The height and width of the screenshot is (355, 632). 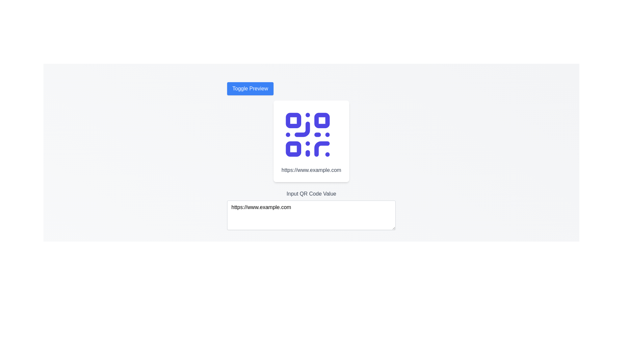 I want to click on the second graphic block of the QR code located in the top-right corner of the code area, so click(x=322, y=120).